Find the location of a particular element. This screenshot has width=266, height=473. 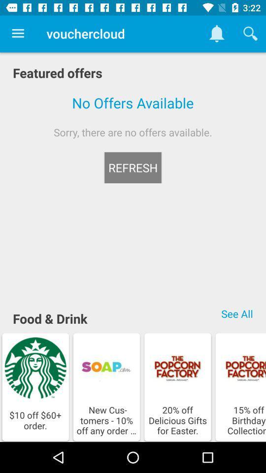

the see all icon is located at coordinates (236, 313).